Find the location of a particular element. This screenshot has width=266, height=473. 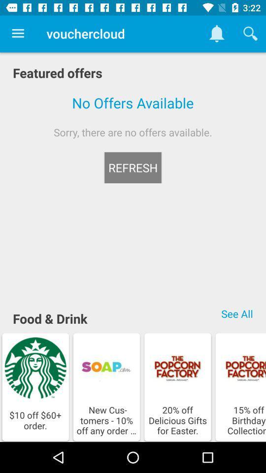

the see all icon is located at coordinates (236, 313).